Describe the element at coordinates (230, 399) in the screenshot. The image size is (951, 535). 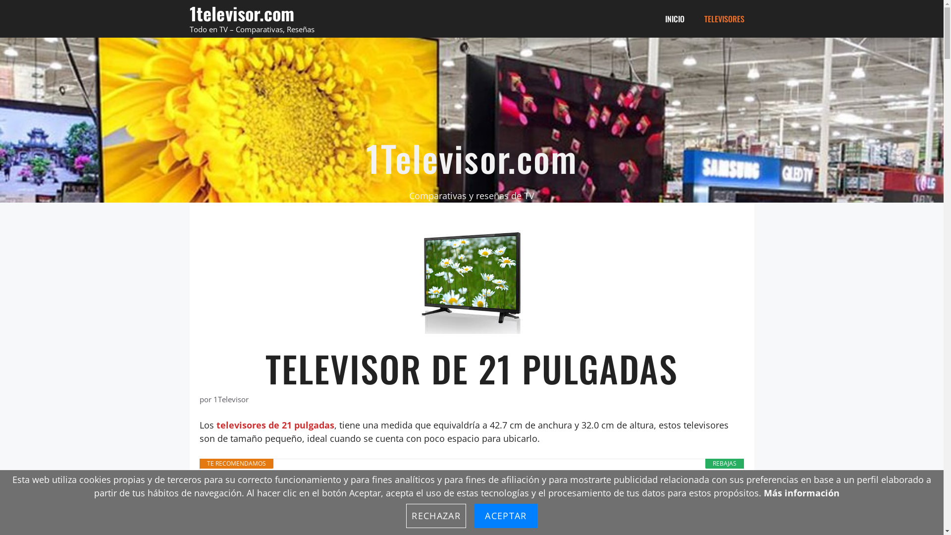
I see `'1Televisor'` at that location.